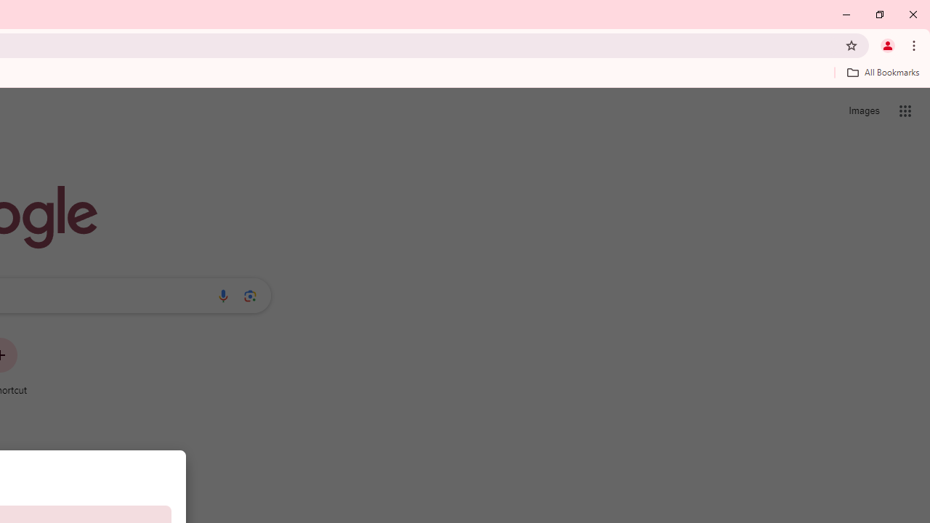  I want to click on 'All Bookmarks', so click(882, 72).